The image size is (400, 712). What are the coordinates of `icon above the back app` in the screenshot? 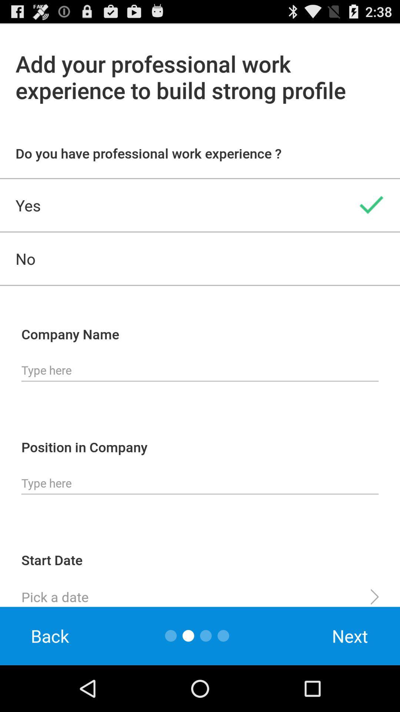 It's located at (200, 594).